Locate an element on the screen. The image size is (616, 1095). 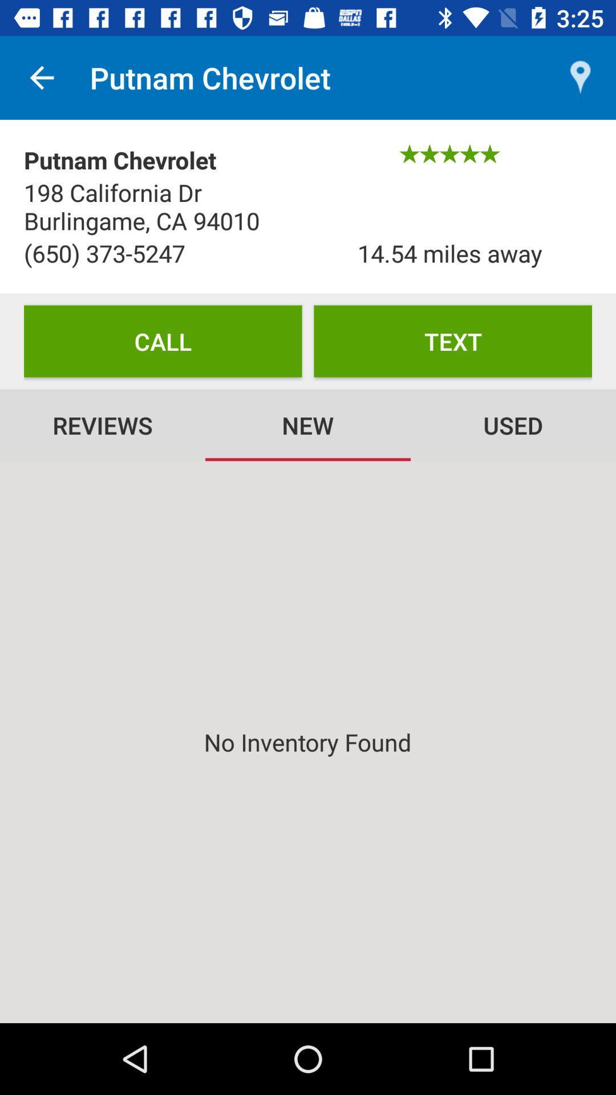
not found is located at coordinates (308, 742).